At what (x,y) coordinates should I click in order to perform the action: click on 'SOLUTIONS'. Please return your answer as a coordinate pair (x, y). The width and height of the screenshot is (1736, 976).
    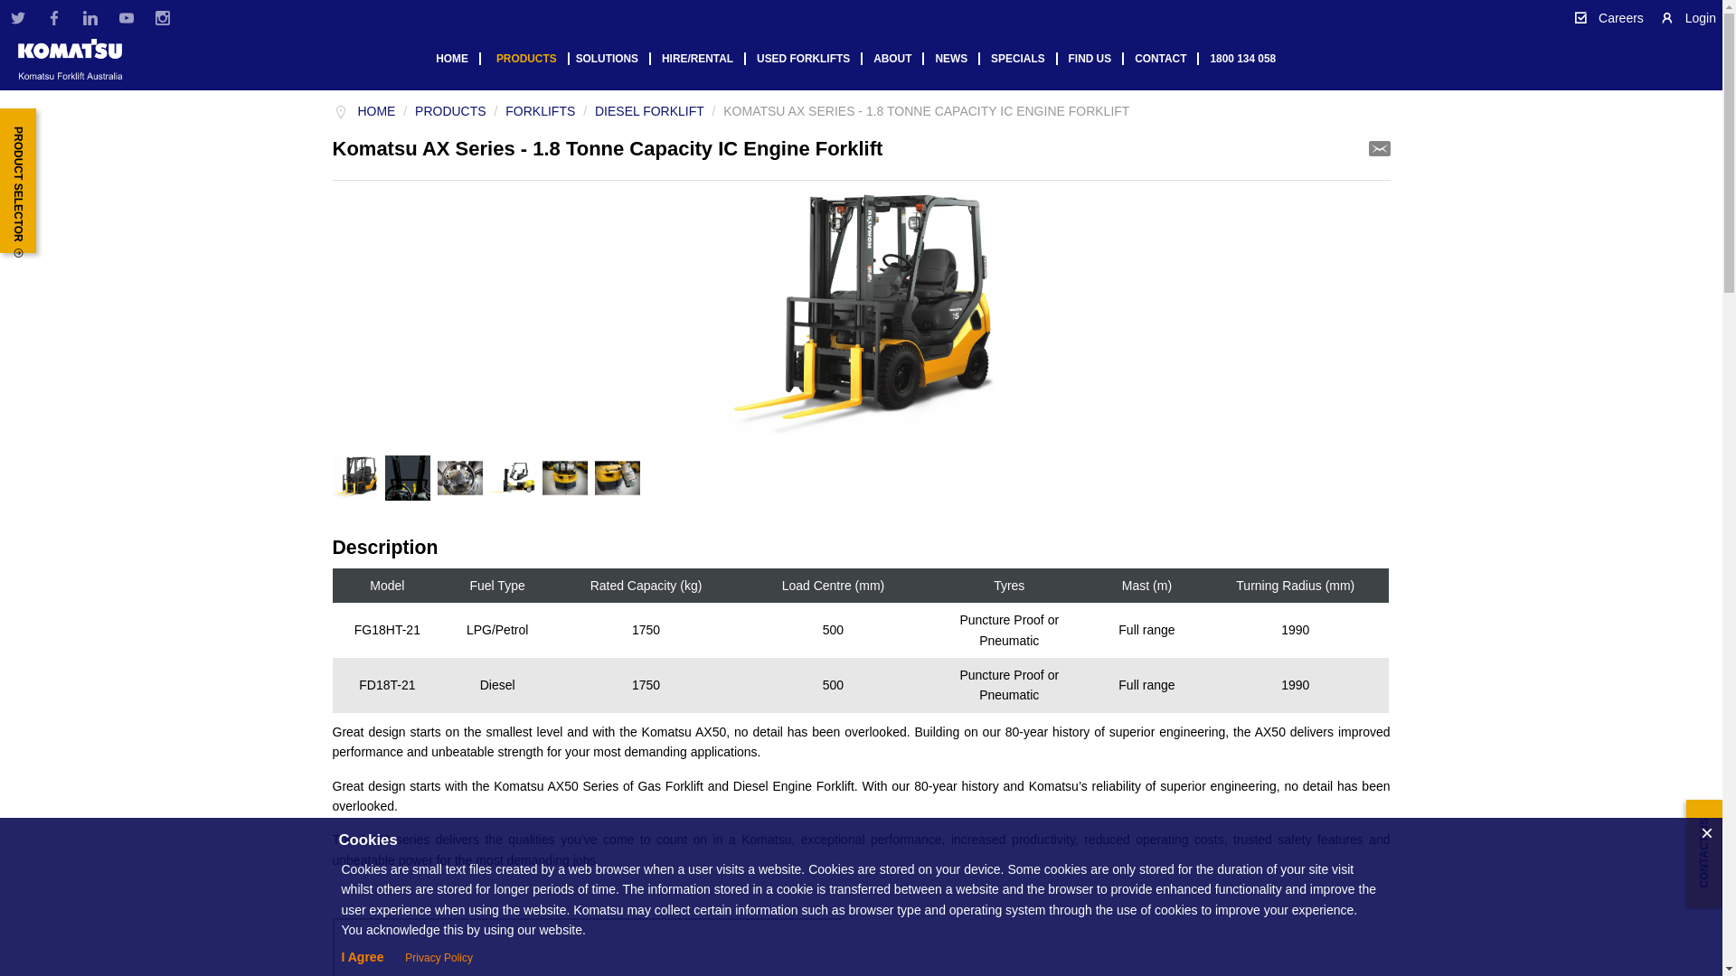
    Looking at the image, I should click on (613, 58).